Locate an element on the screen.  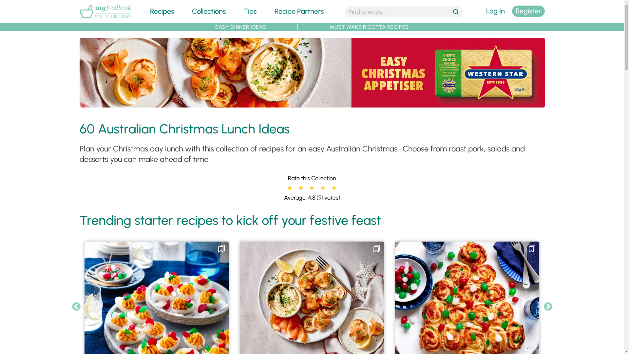
'Give it 5/5' is located at coordinates (333, 188).